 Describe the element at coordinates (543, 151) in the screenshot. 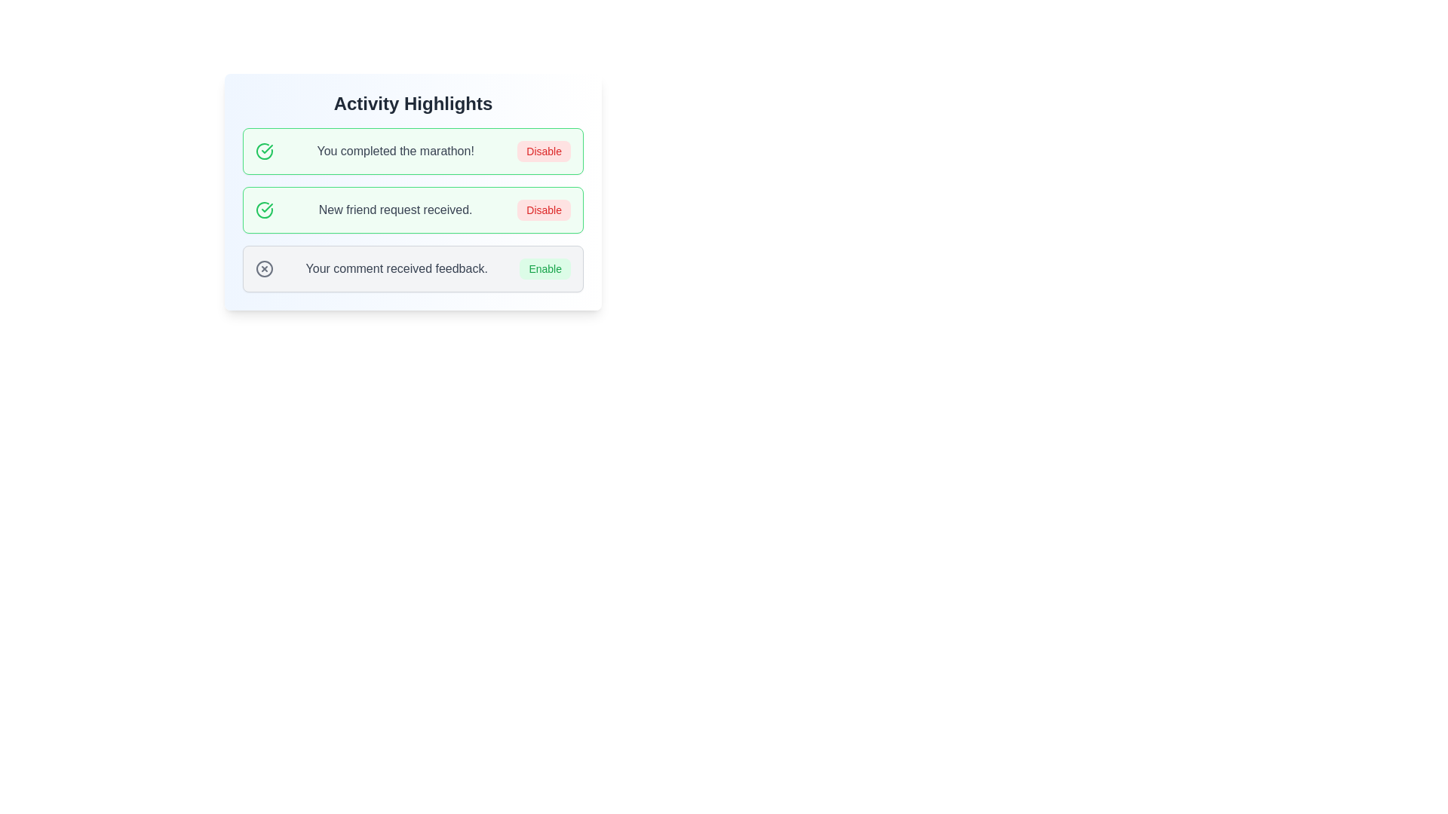

I see `the prominent 'Disable' button with rounded corners and a soft red background` at that location.